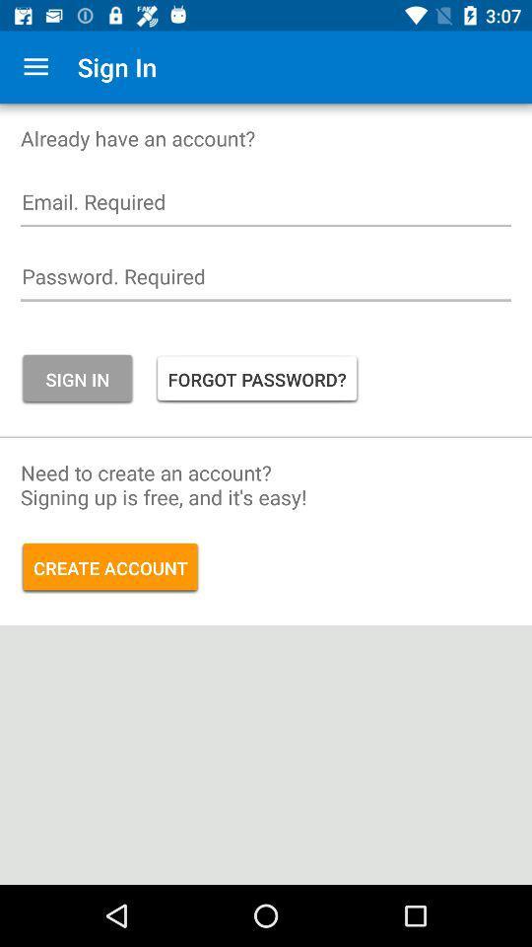  I want to click on the forgot password? item, so click(257, 378).